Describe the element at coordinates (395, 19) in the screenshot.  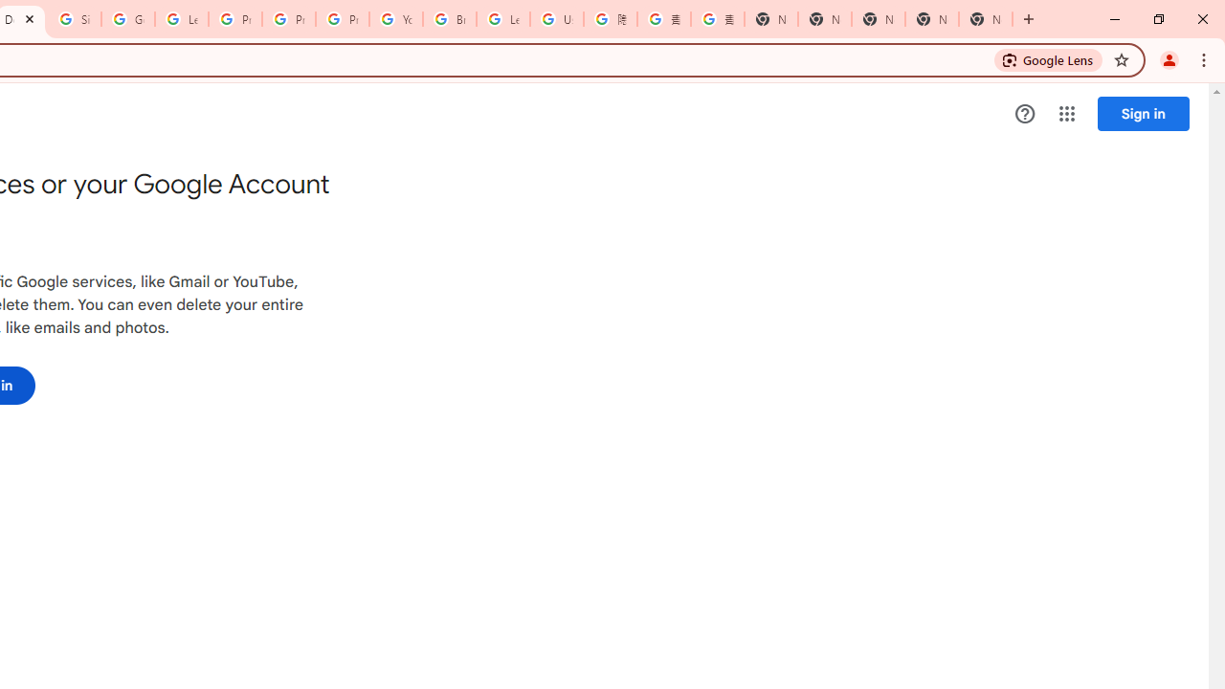
I see `'YouTube'` at that location.